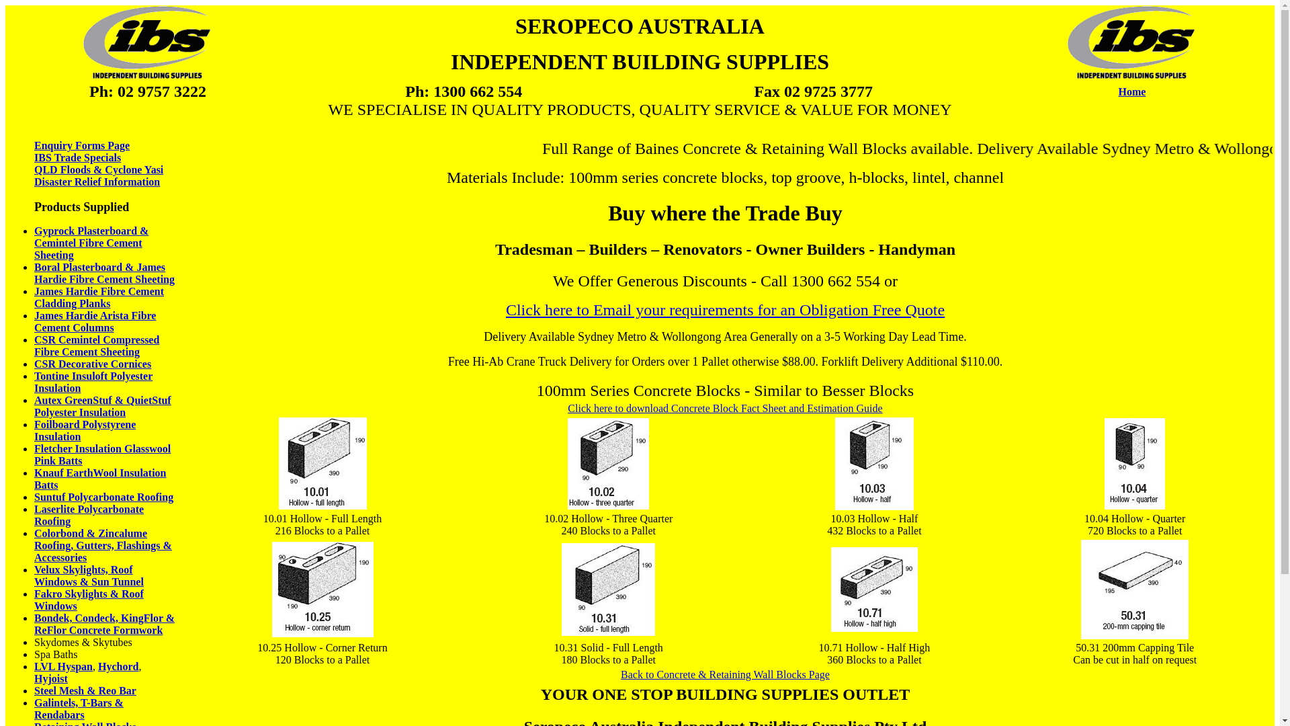 This screenshot has height=726, width=1290. Describe the element at coordinates (93, 382) in the screenshot. I see `'Tontine Insuloft Polyester Insulation'` at that location.